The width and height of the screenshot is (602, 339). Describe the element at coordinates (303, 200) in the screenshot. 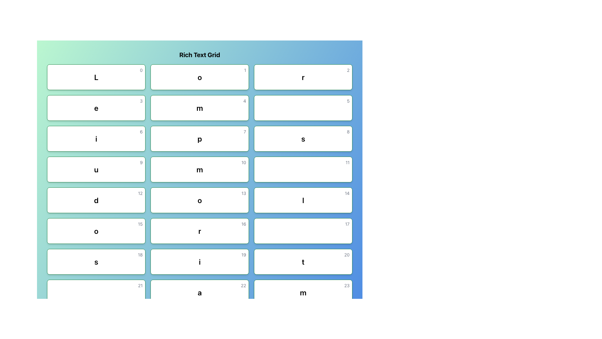

I see `the visual card element in the fifth column of the fifth row, which has a bold black 'l' text at the center and a small gray '14' in the top-right corner` at that location.